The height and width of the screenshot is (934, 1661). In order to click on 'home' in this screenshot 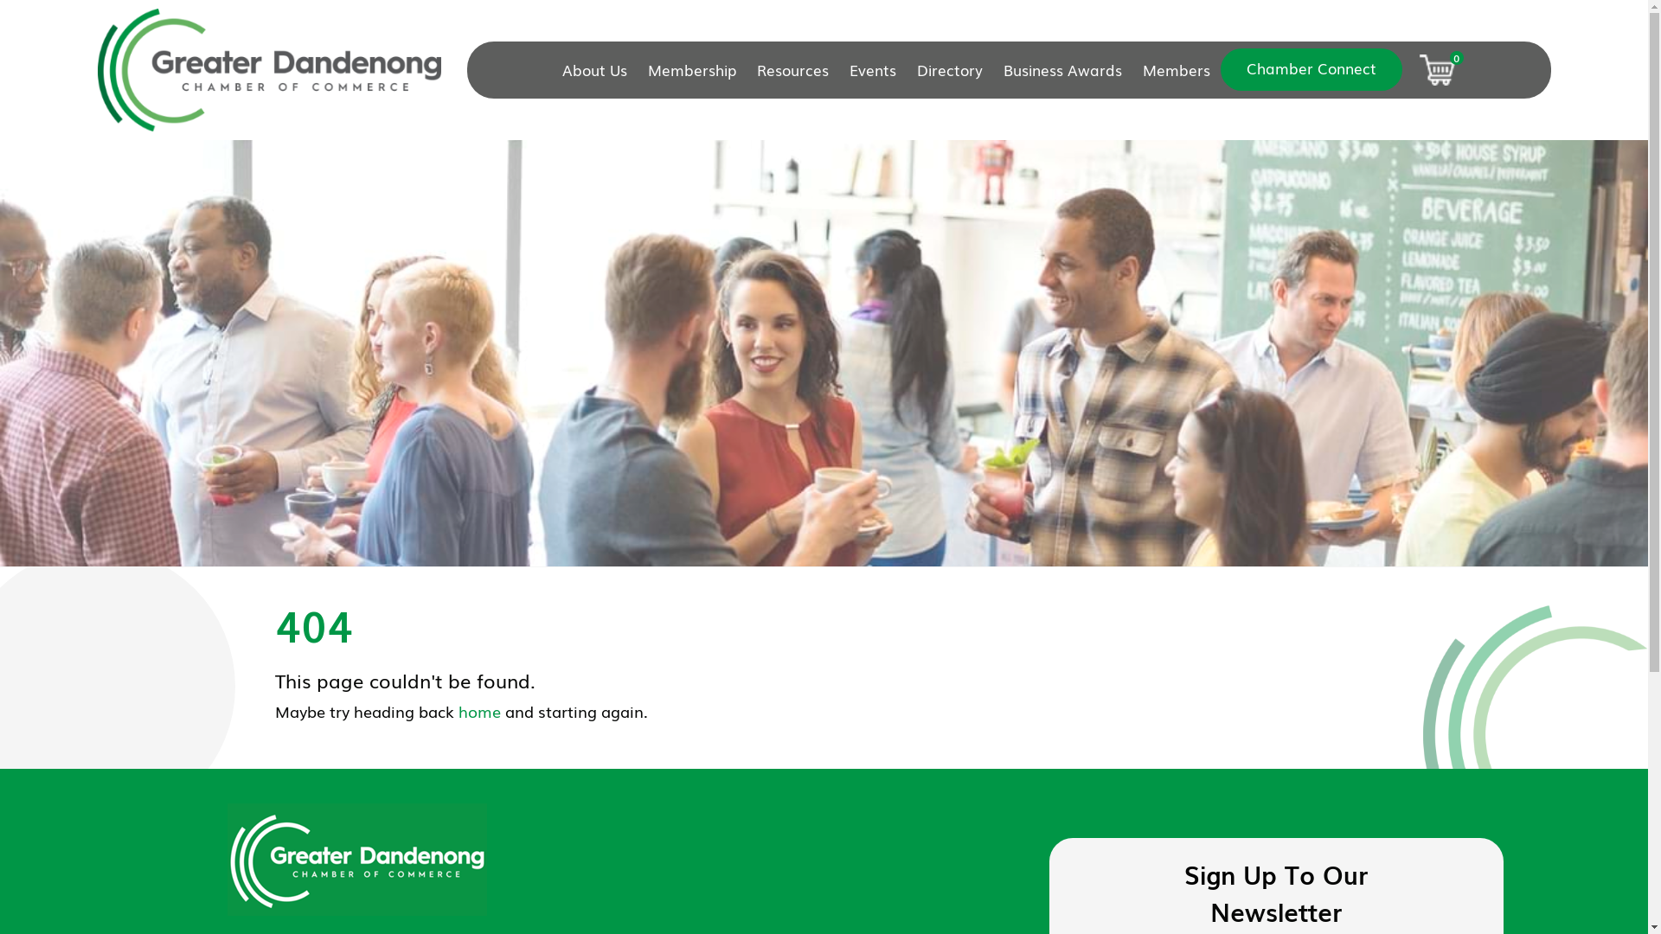, I will do `click(479, 710)`.